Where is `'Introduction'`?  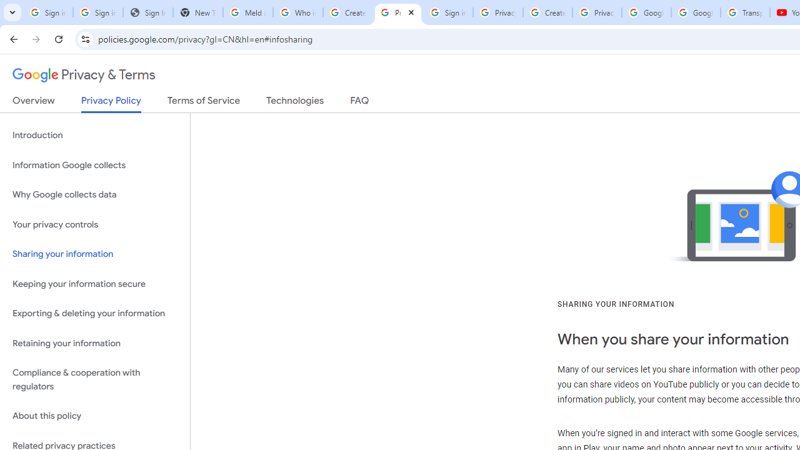
'Introduction' is located at coordinates (94, 136).